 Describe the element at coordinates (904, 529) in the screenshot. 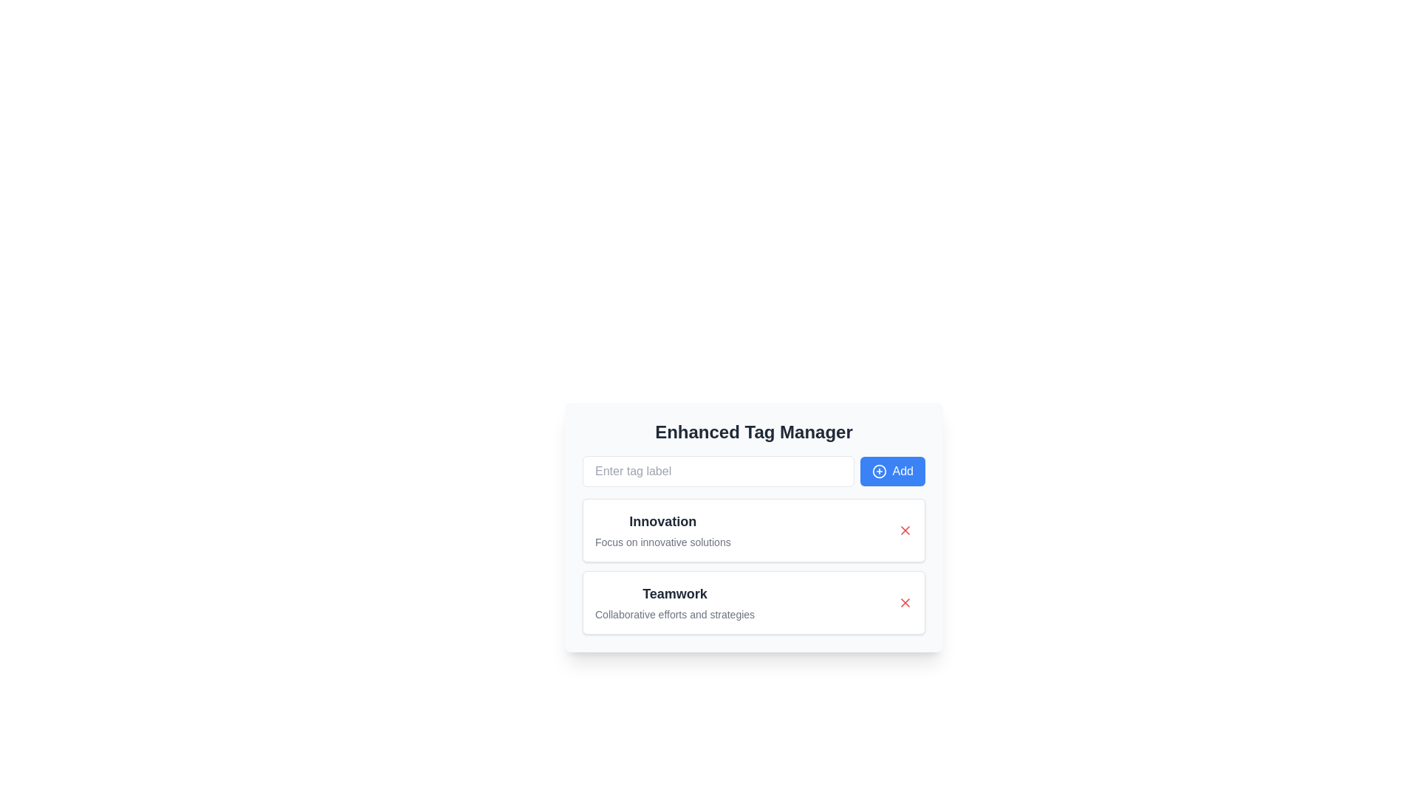

I see `the close/delete button icon associated with the 'Innovation' tag entry` at that location.